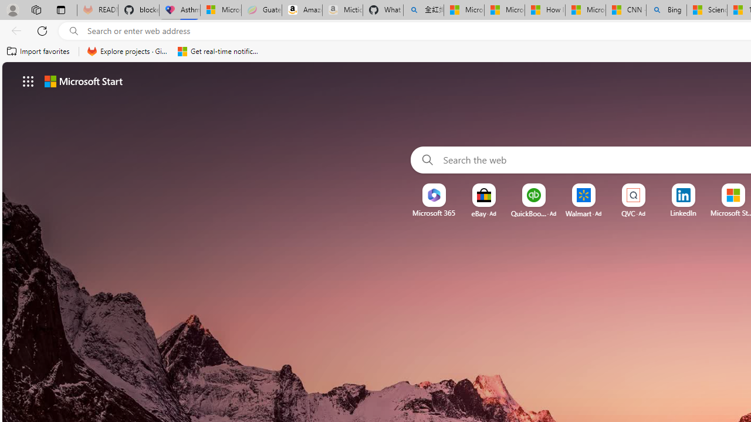 The height and width of the screenshot is (422, 751). Describe the element at coordinates (83, 80) in the screenshot. I see `'Microsoft start'` at that location.